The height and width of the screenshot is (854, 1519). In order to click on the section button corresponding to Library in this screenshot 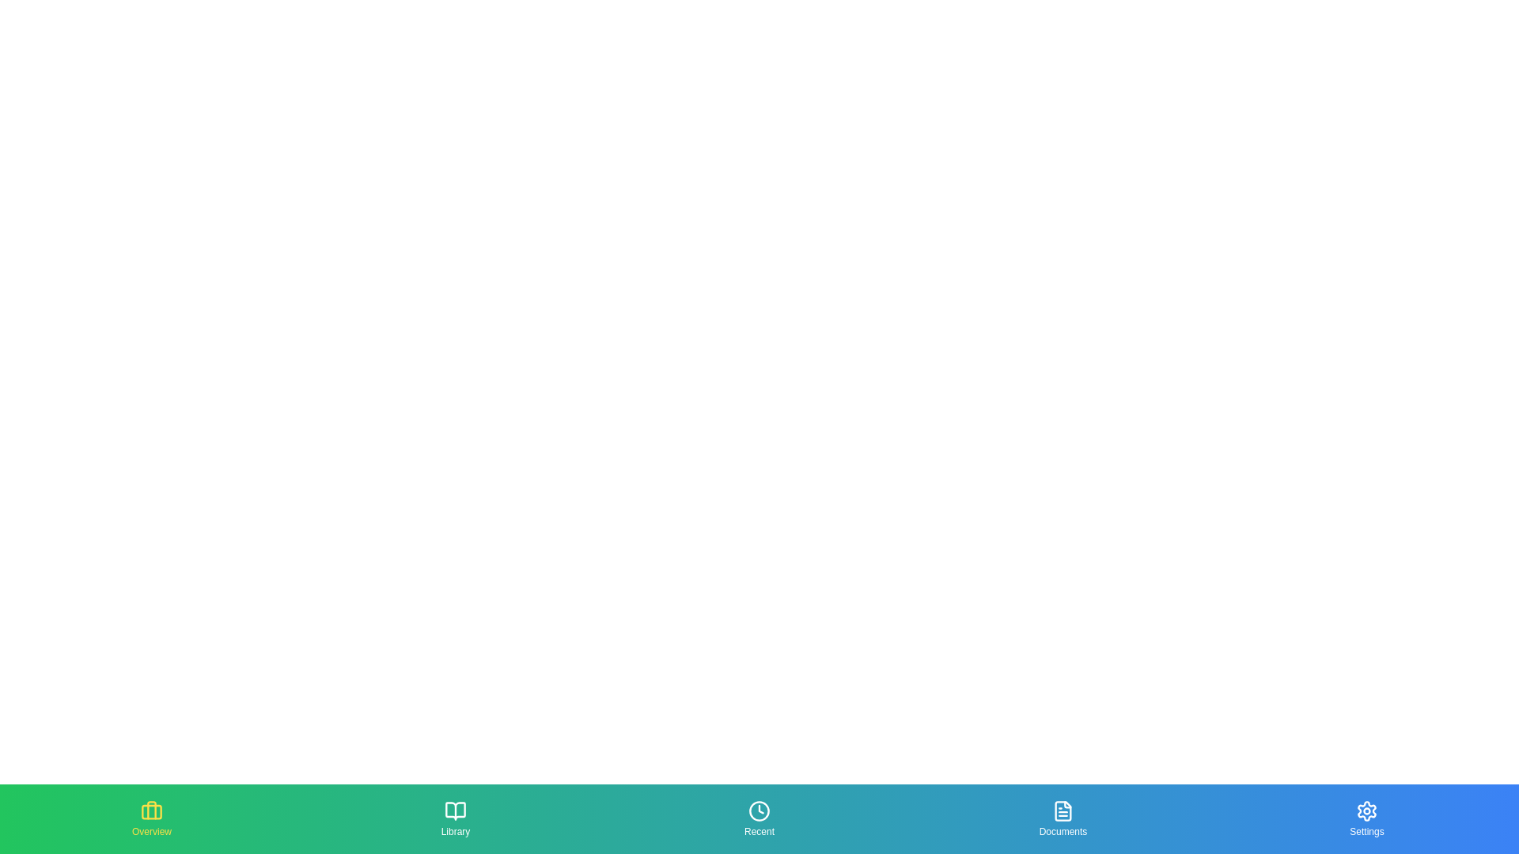, I will do `click(455, 818)`.